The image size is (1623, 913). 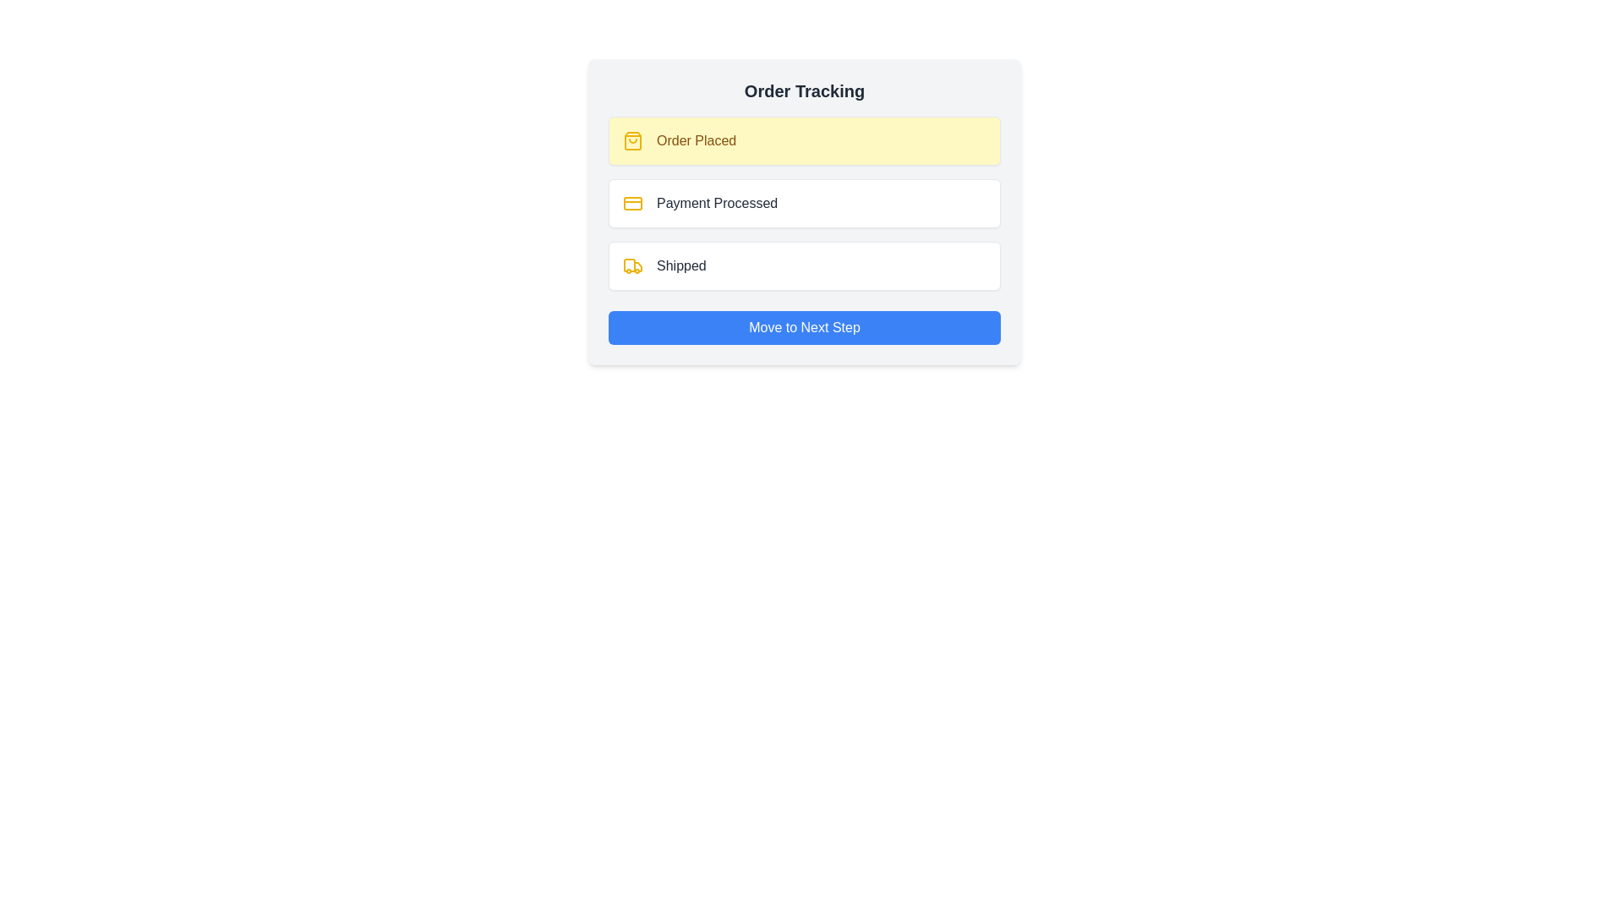 I want to click on the yellow shopping bag icon located to the left of the text 'Order Placed' in the yellow-highlighted section of the 'Order Tracking' interface, so click(x=631, y=139).